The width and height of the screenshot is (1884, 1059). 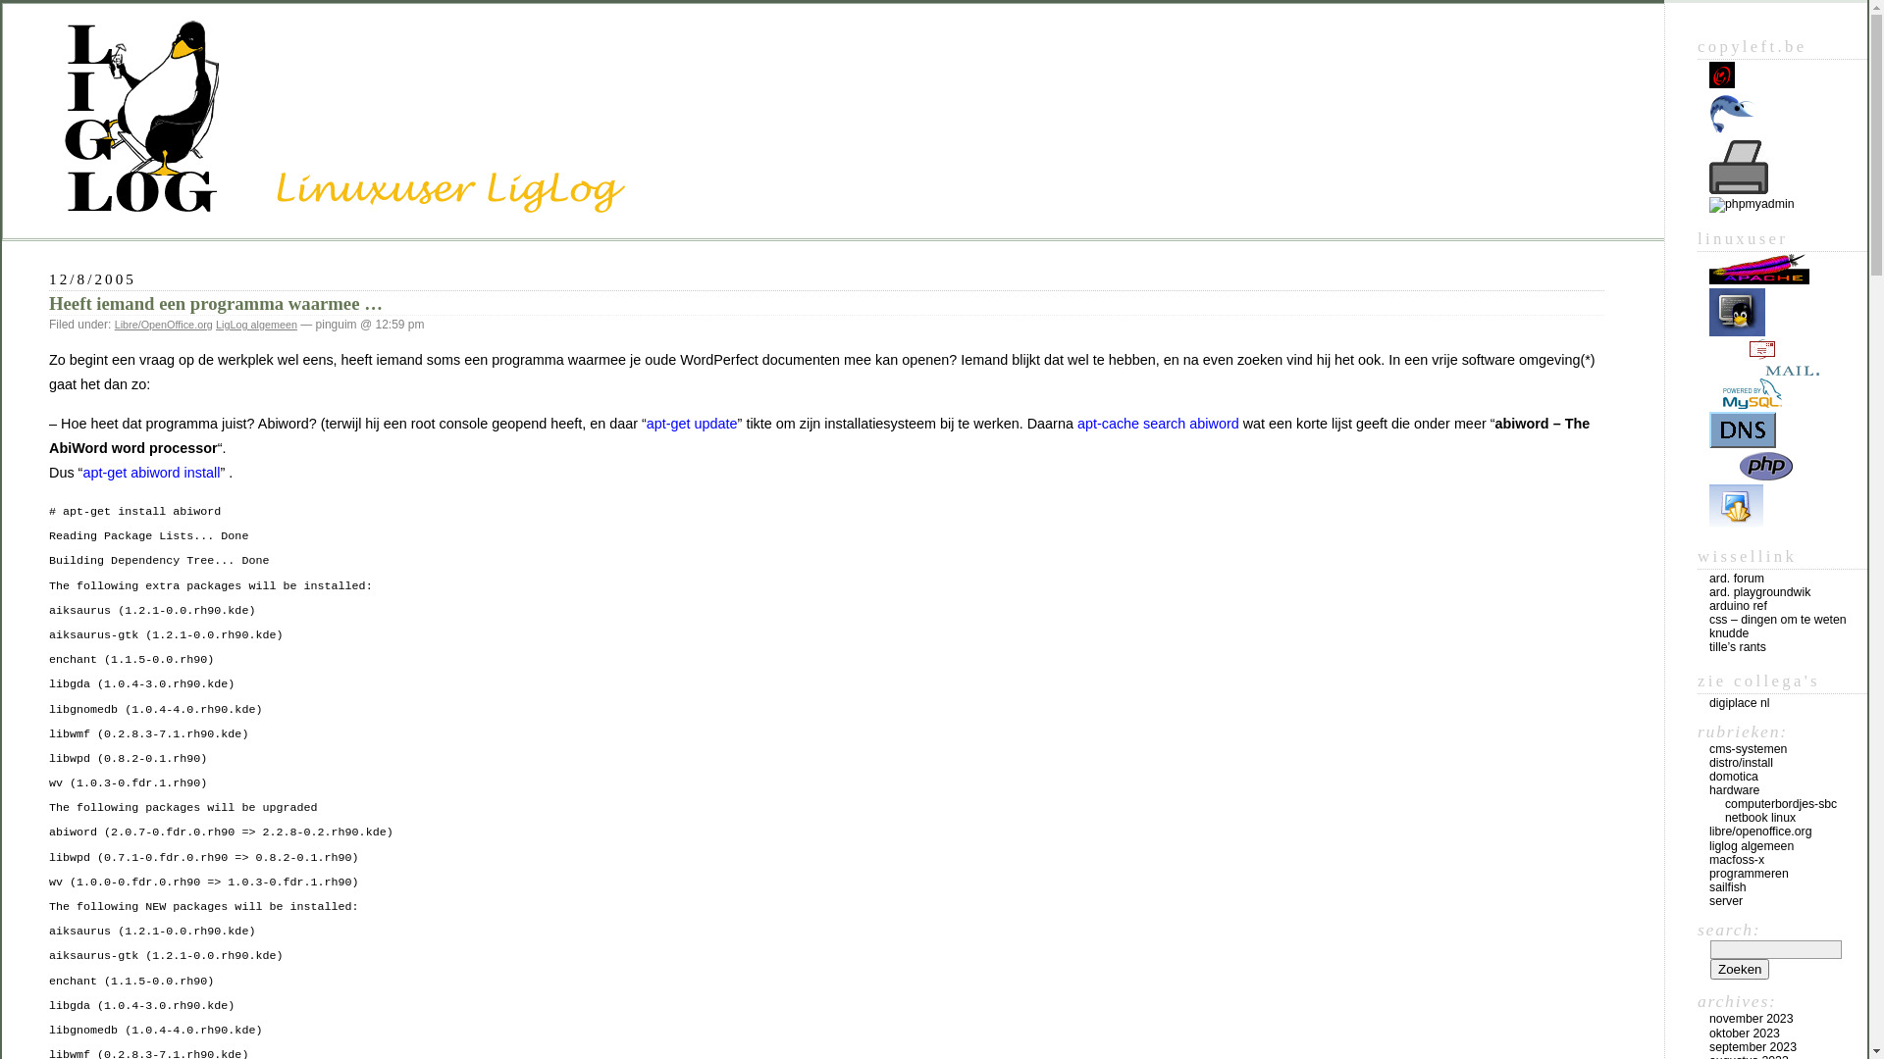 I want to click on 'Zoeken', so click(x=1739, y=968).